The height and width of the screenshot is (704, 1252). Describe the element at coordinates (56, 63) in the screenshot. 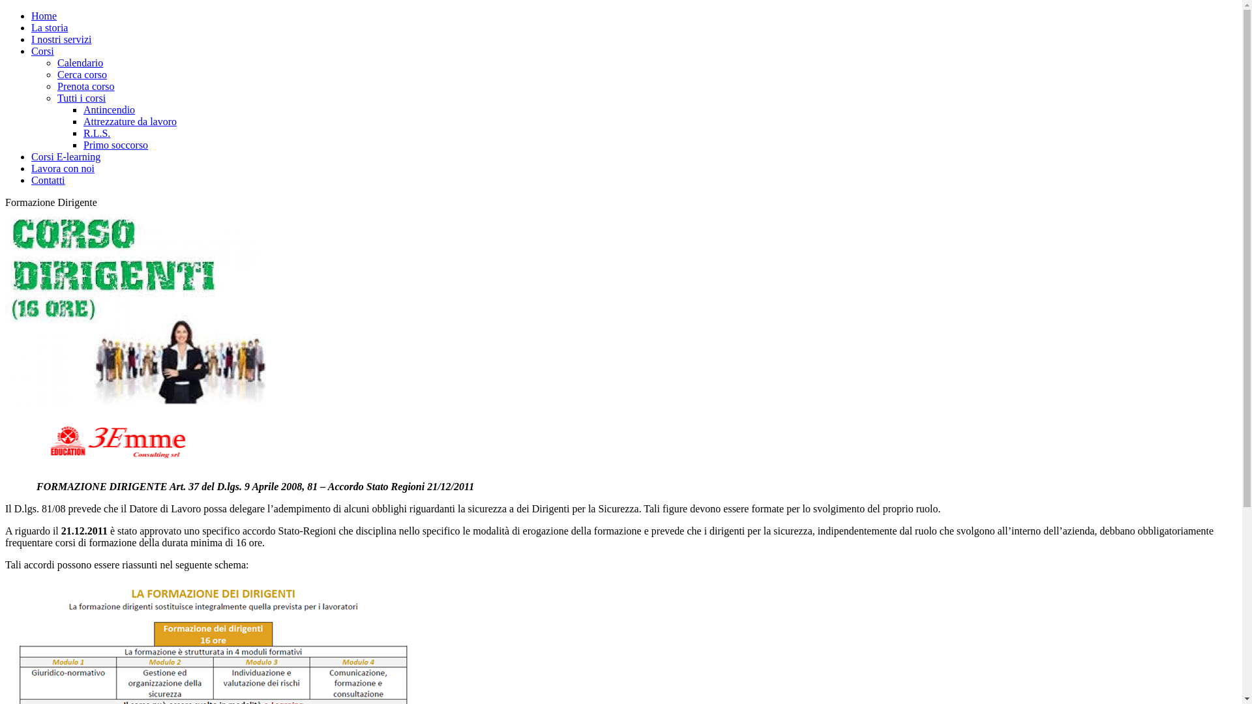

I see `'Calendario'` at that location.